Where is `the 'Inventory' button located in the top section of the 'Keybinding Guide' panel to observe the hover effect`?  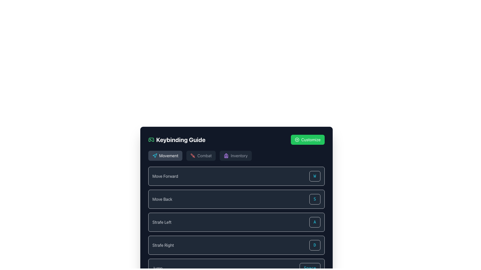 the 'Inventory' button located in the top section of the 'Keybinding Guide' panel to observe the hover effect is located at coordinates (235, 155).